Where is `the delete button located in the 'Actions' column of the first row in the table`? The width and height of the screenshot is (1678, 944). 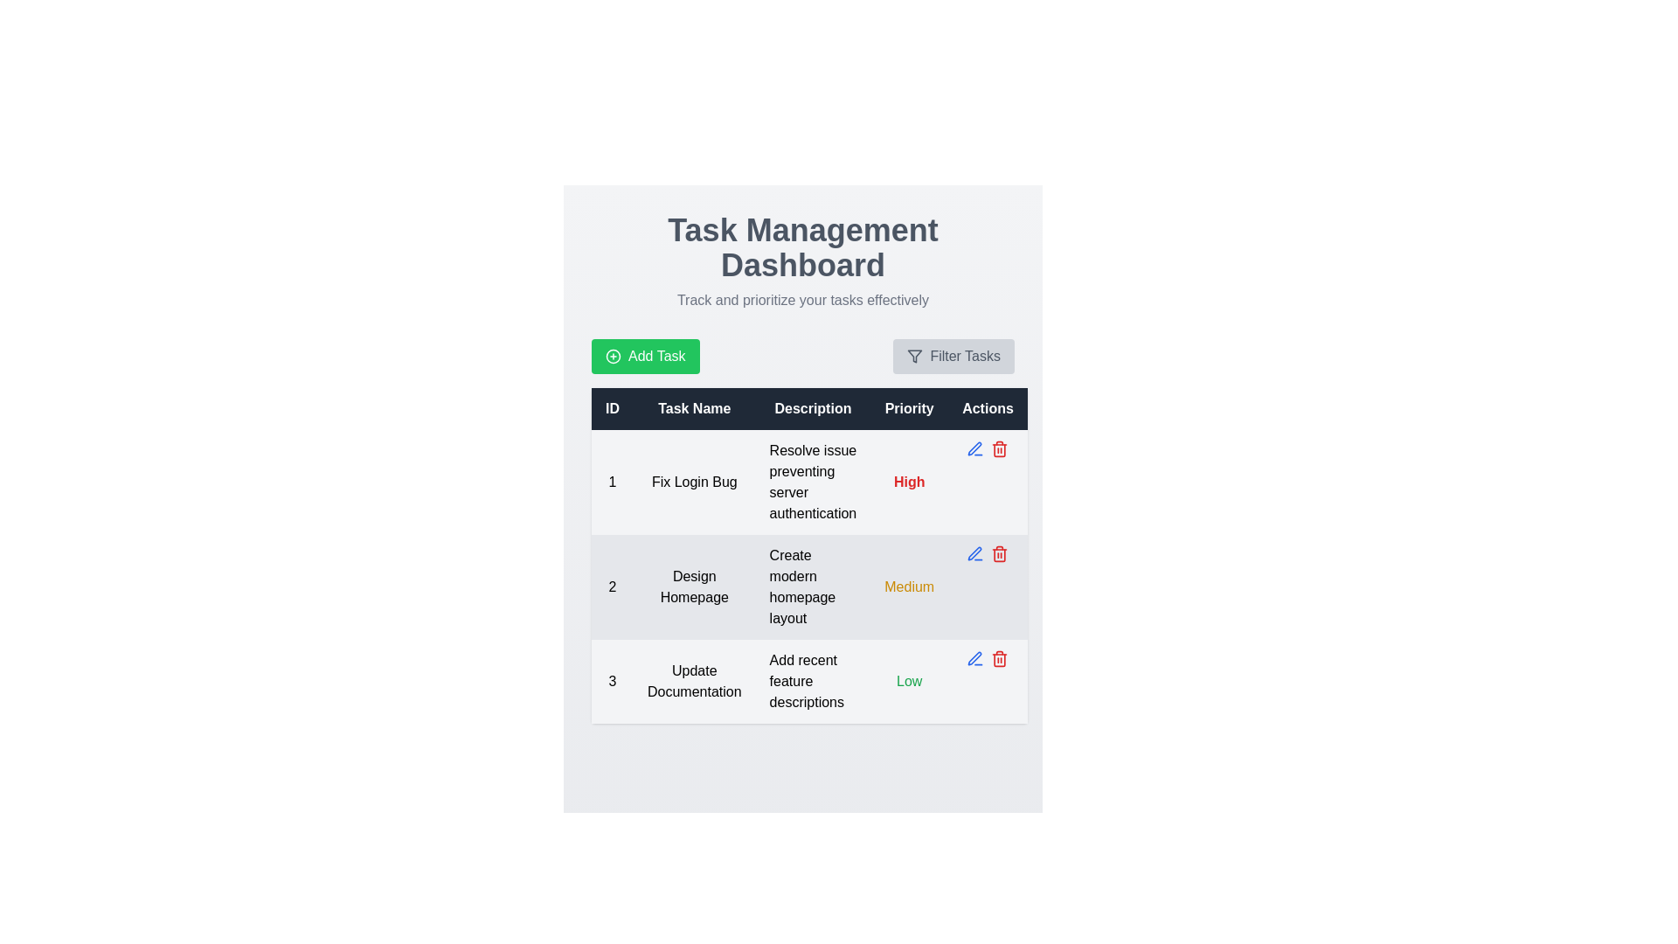
the delete button located in the 'Actions' column of the first row in the table is located at coordinates (1000, 448).